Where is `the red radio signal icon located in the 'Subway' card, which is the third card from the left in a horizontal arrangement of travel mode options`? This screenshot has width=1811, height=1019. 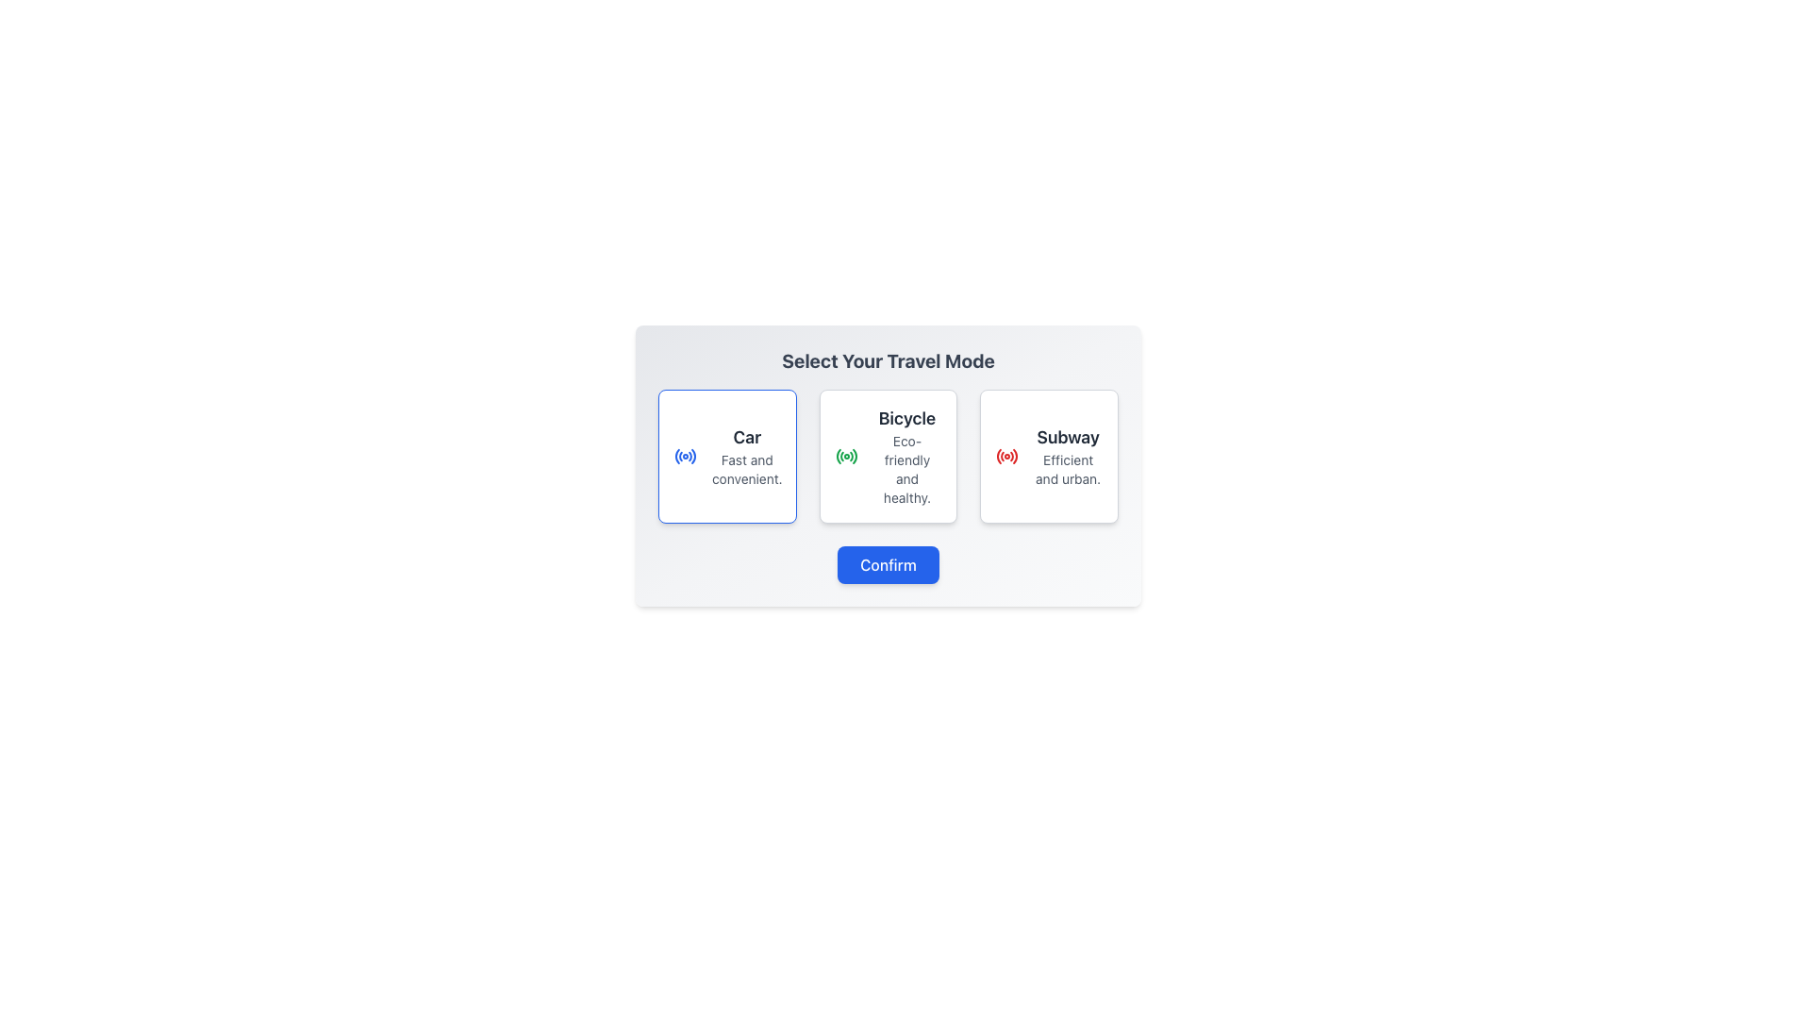 the red radio signal icon located in the 'Subway' card, which is the third card from the left in a horizontal arrangement of travel mode options is located at coordinates (1006, 456).